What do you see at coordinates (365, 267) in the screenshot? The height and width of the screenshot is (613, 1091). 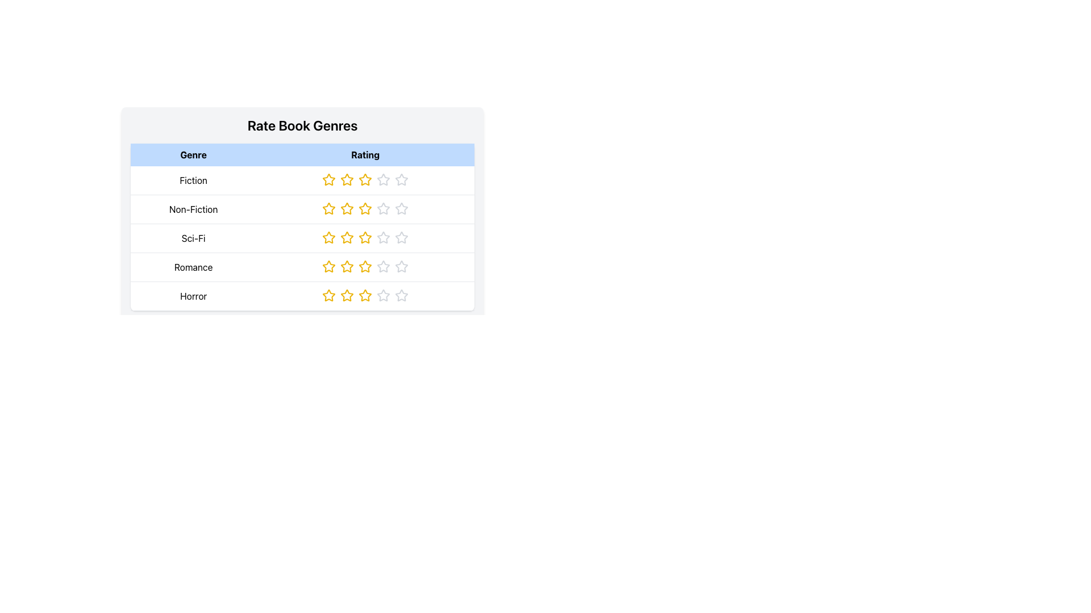 I see `the fourth star in the 'Rating' column of the 'Romance' row` at bounding box center [365, 267].